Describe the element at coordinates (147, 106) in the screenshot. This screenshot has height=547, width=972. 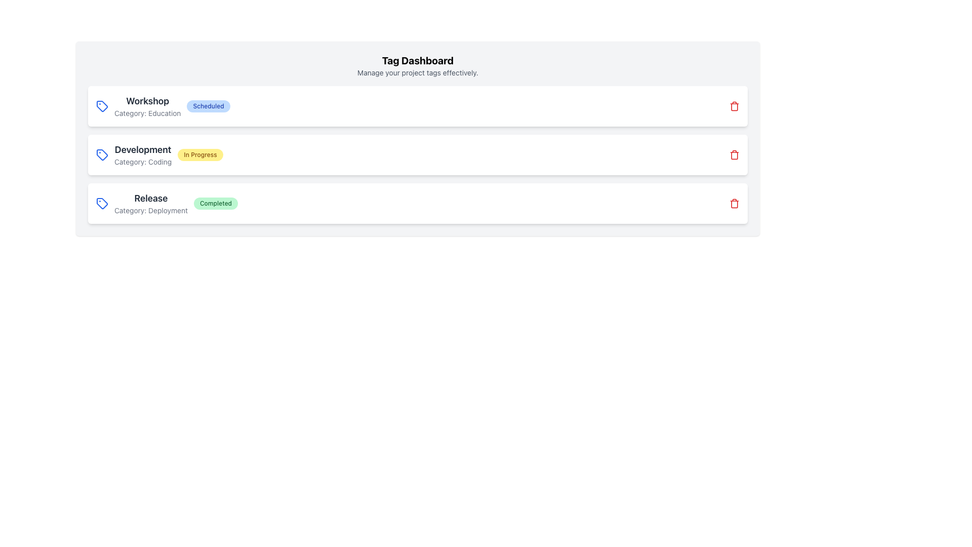
I see `the 'Workshop' text label` at that location.